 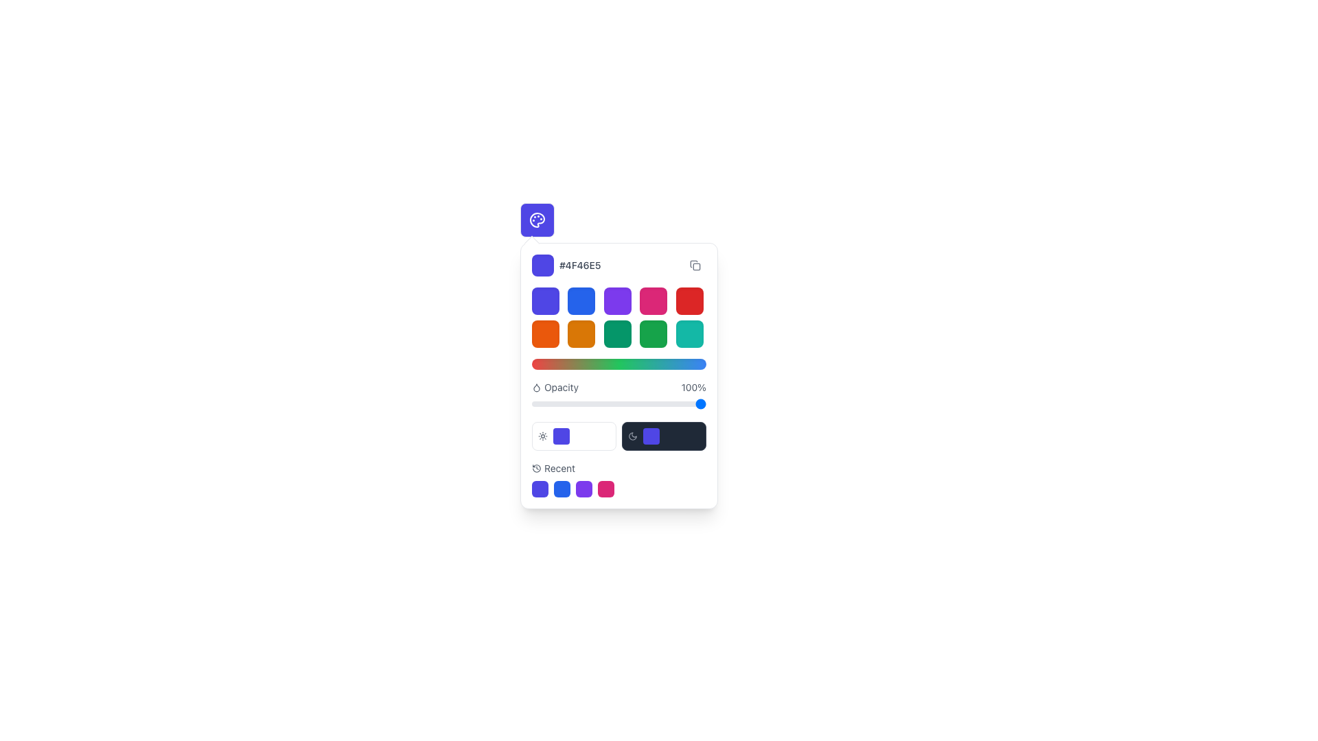 What do you see at coordinates (695, 265) in the screenshot?
I see `the gray square button with rounded corners that resembles a stack of papers, located at the top-right area of a floating panel` at bounding box center [695, 265].